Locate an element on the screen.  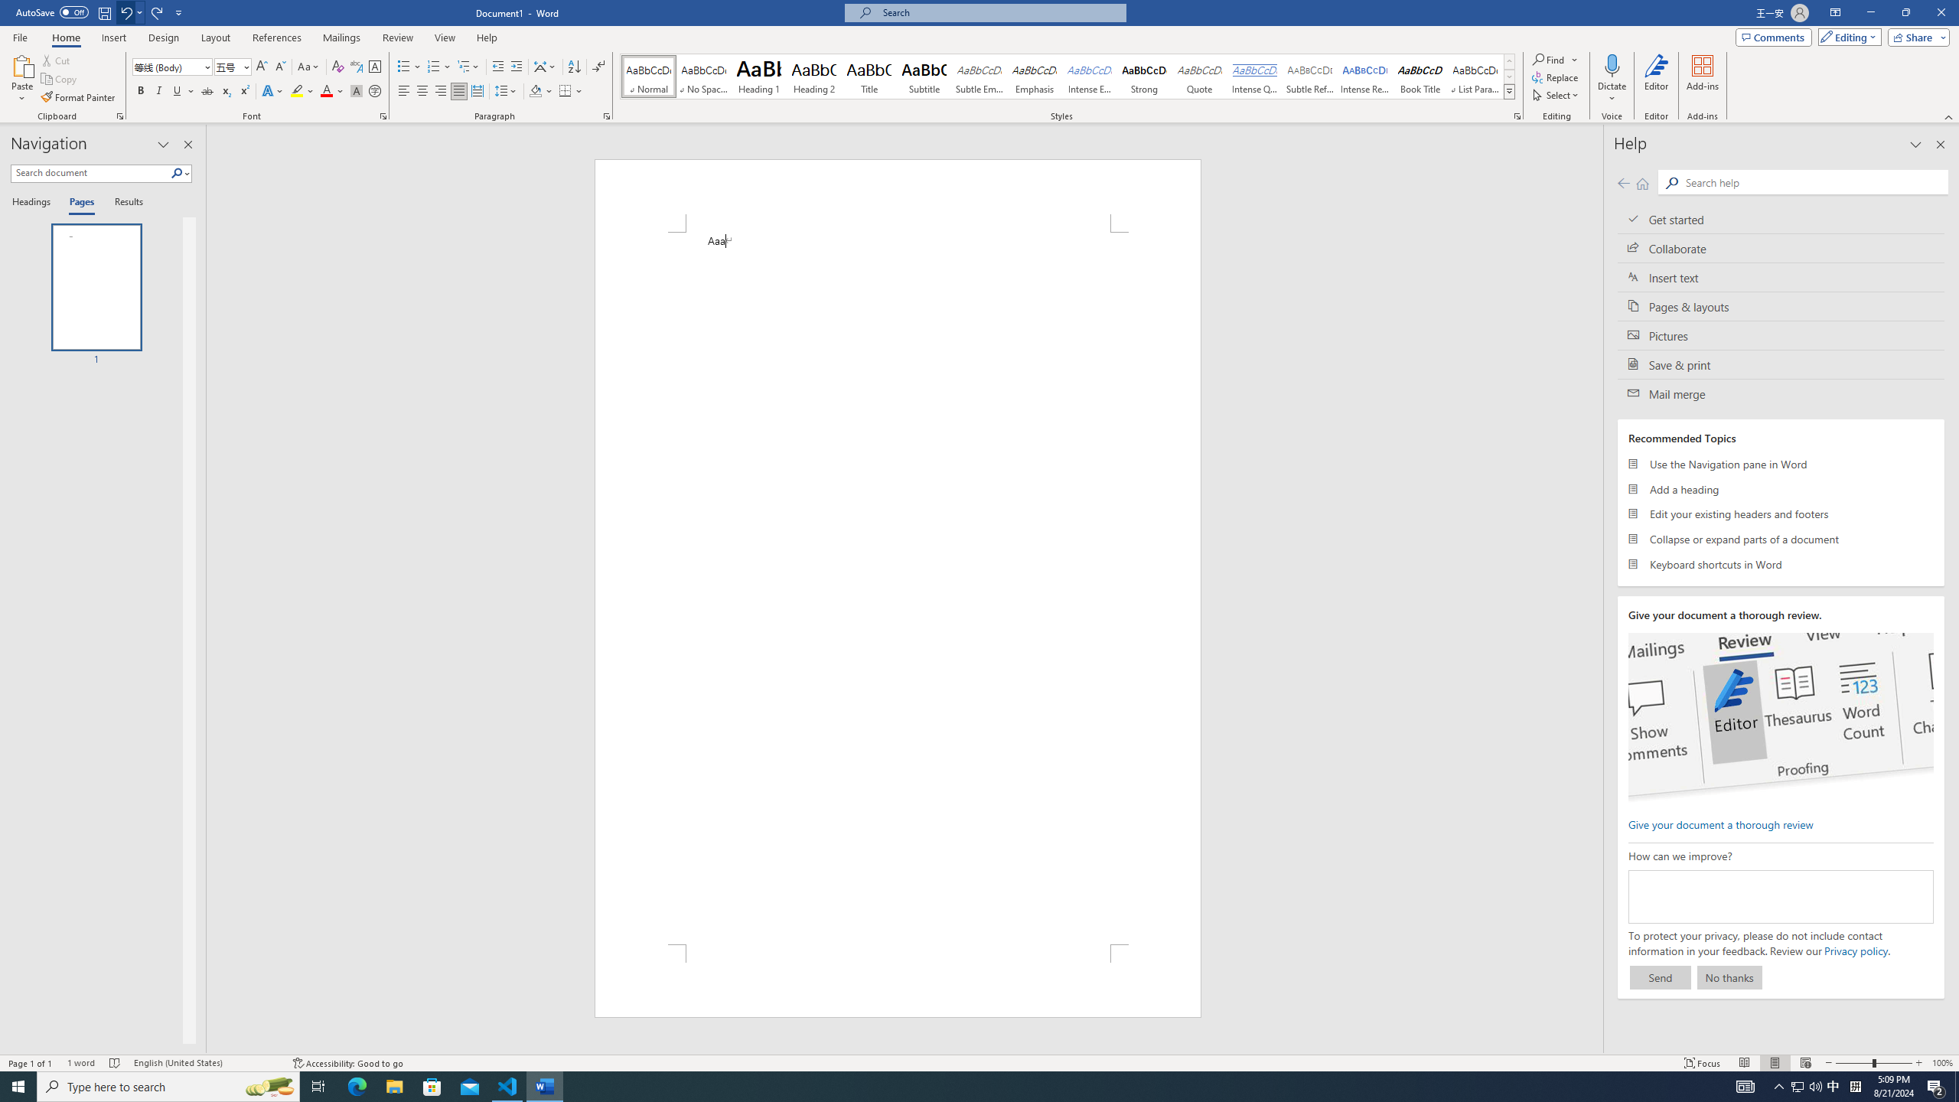
'Spelling and Grammar Check No Errors' is located at coordinates (115, 1063).